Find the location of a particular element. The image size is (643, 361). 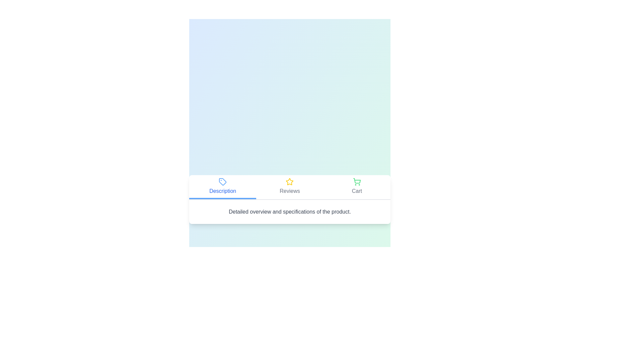

the Reviews tab is located at coordinates (289, 187).